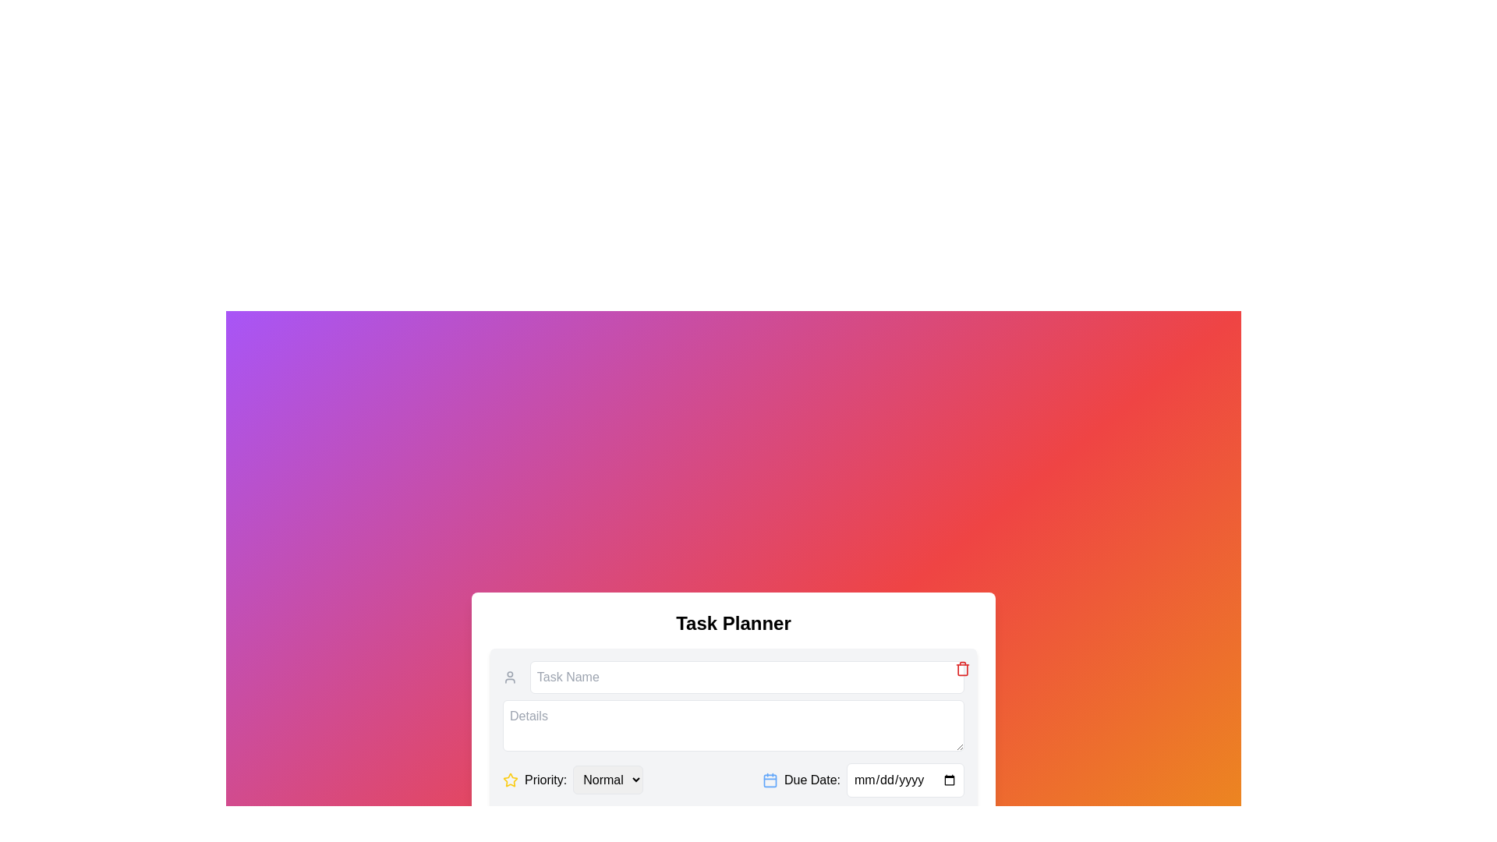  What do you see at coordinates (905, 780) in the screenshot?
I see `the date input field with the placeholder formatted as 'mm/dd/yyyy' in the 'Task Planner' section` at bounding box center [905, 780].